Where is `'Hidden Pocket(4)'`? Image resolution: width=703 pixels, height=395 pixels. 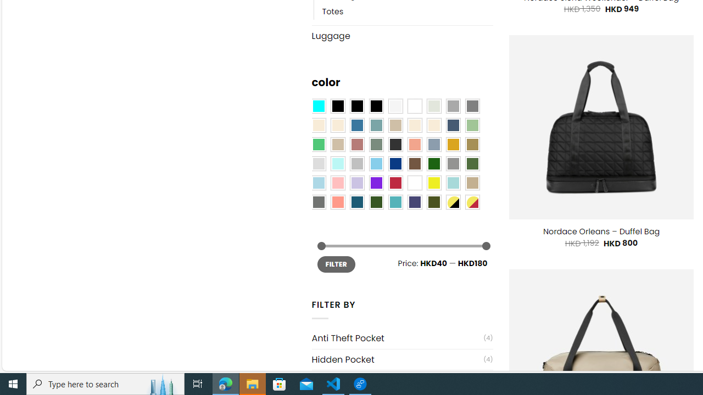
'Hidden Pocket(4)' is located at coordinates (401, 359).